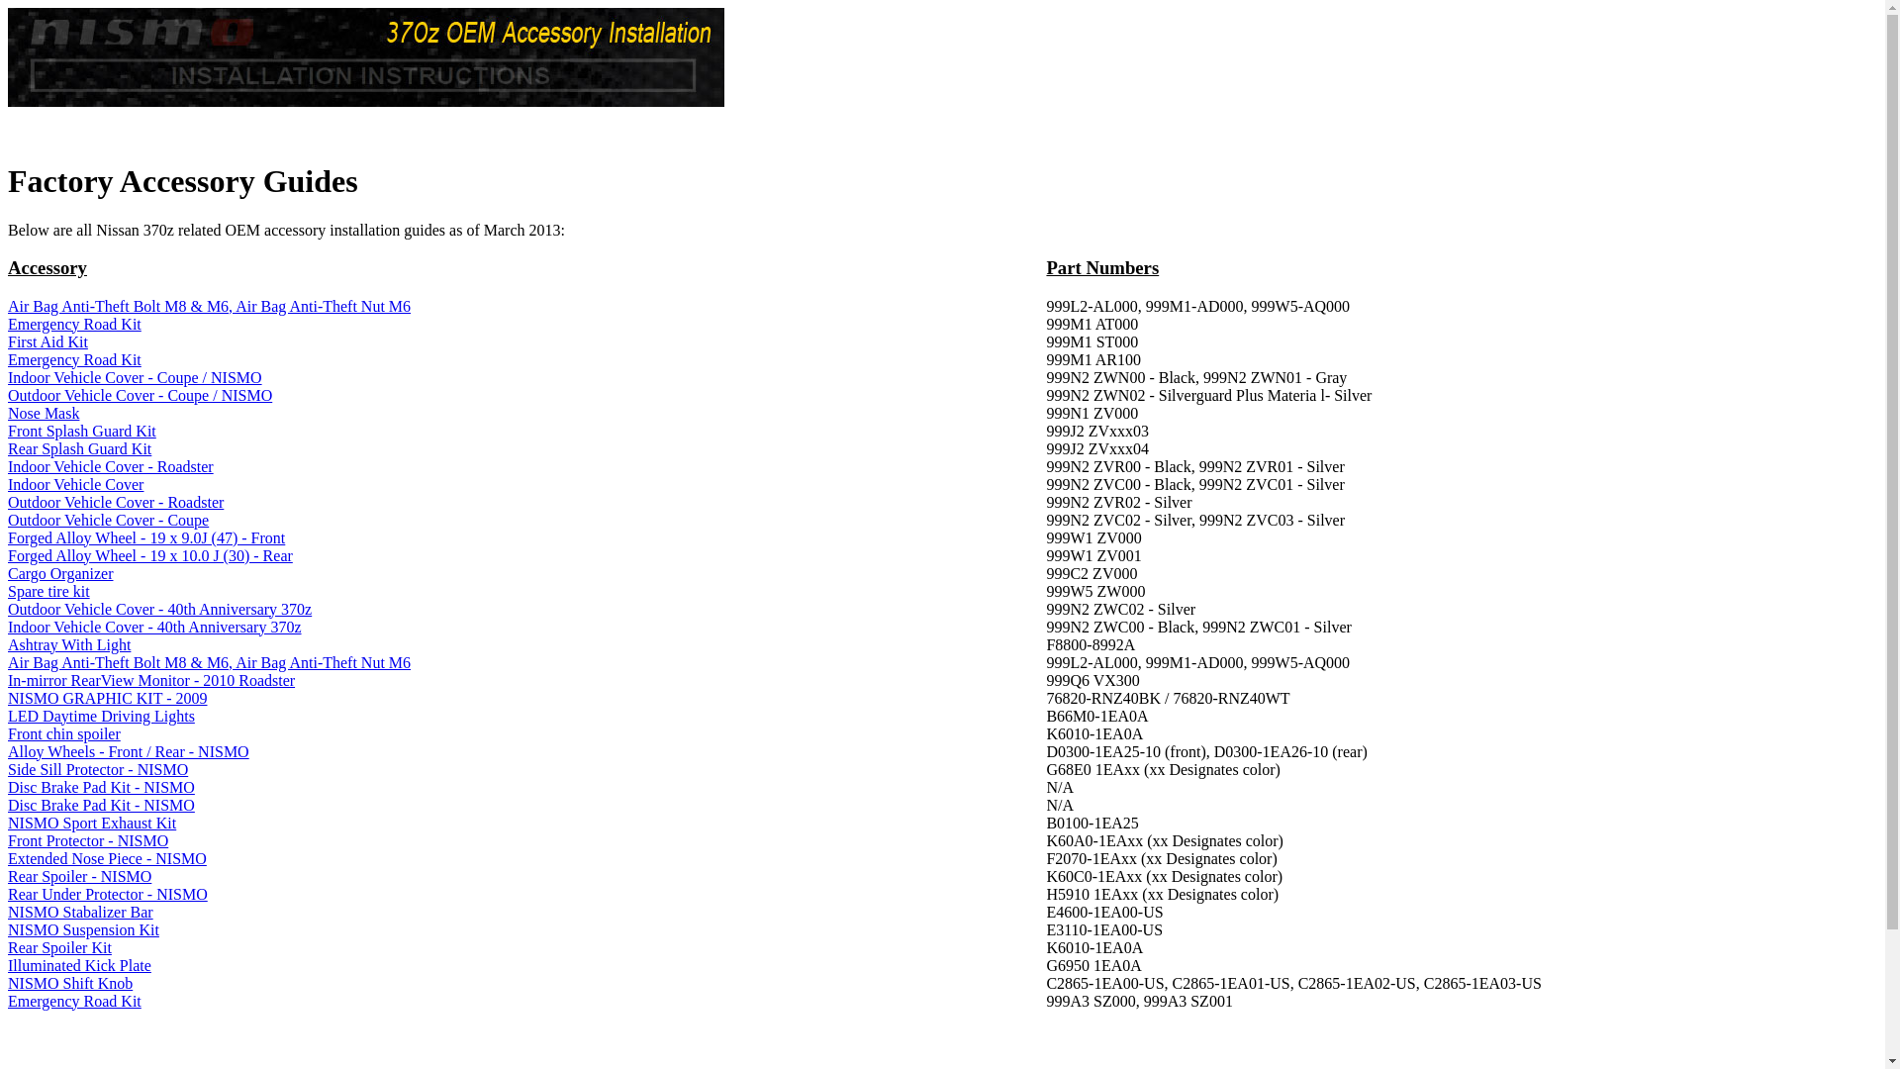 The height and width of the screenshot is (1069, 1900). What do you see at coordinates (64, 733) in the screenshot?
I see `'Front chin spoiler'` at bounding box center [64, 733].